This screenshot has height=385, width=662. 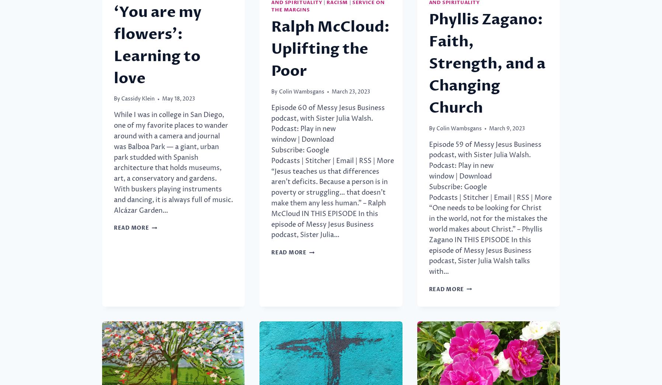 I want to click on 'While I was in college in San Diego, one of my favorite places to wander around with a camera and journal was Balboa Park — a giant, urban park studded with Spanish architecture that holds museums, art, a conservatory and gardens. With buskers playing instruments and dancing, it is always full of music. Alcázar Garden…', so click(x=173, y=162).